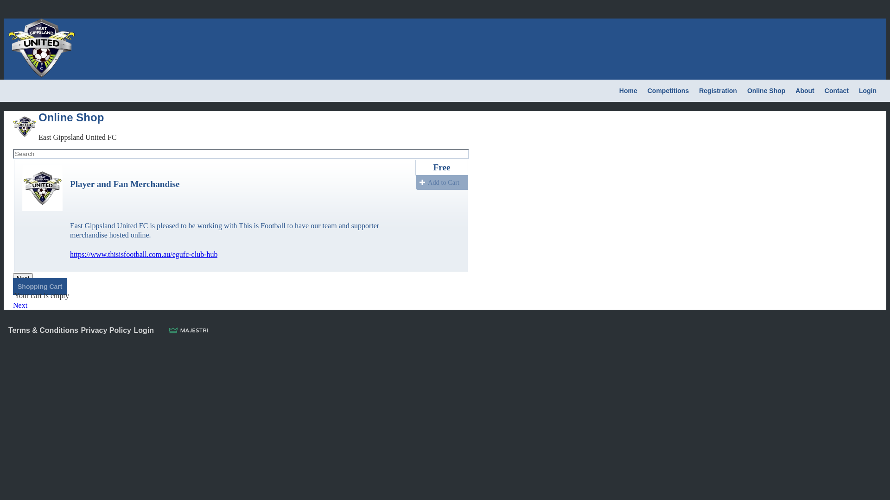  Describe the element at coordinates (43, 330) in the screenshot. I see `'Terms & Conditions'` at that location.